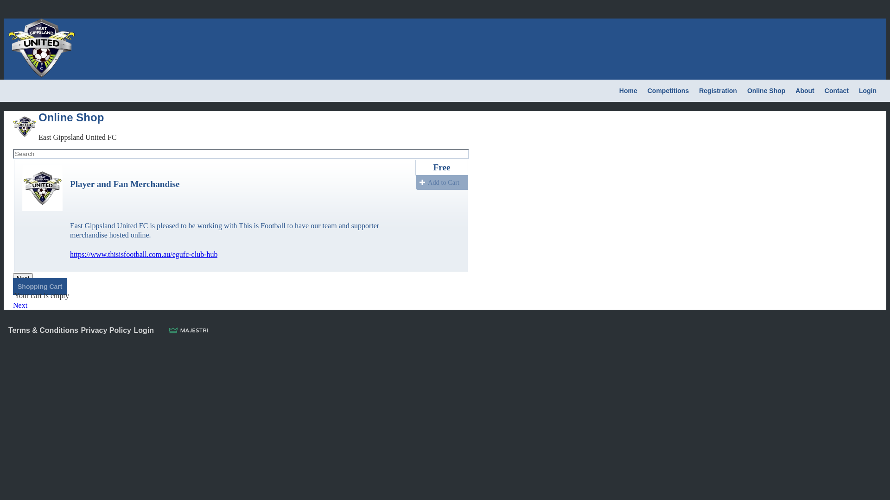  Describe the element at coordinates (43, 330) in the screenshot. I see `'Terms & Conditions'` at that location.